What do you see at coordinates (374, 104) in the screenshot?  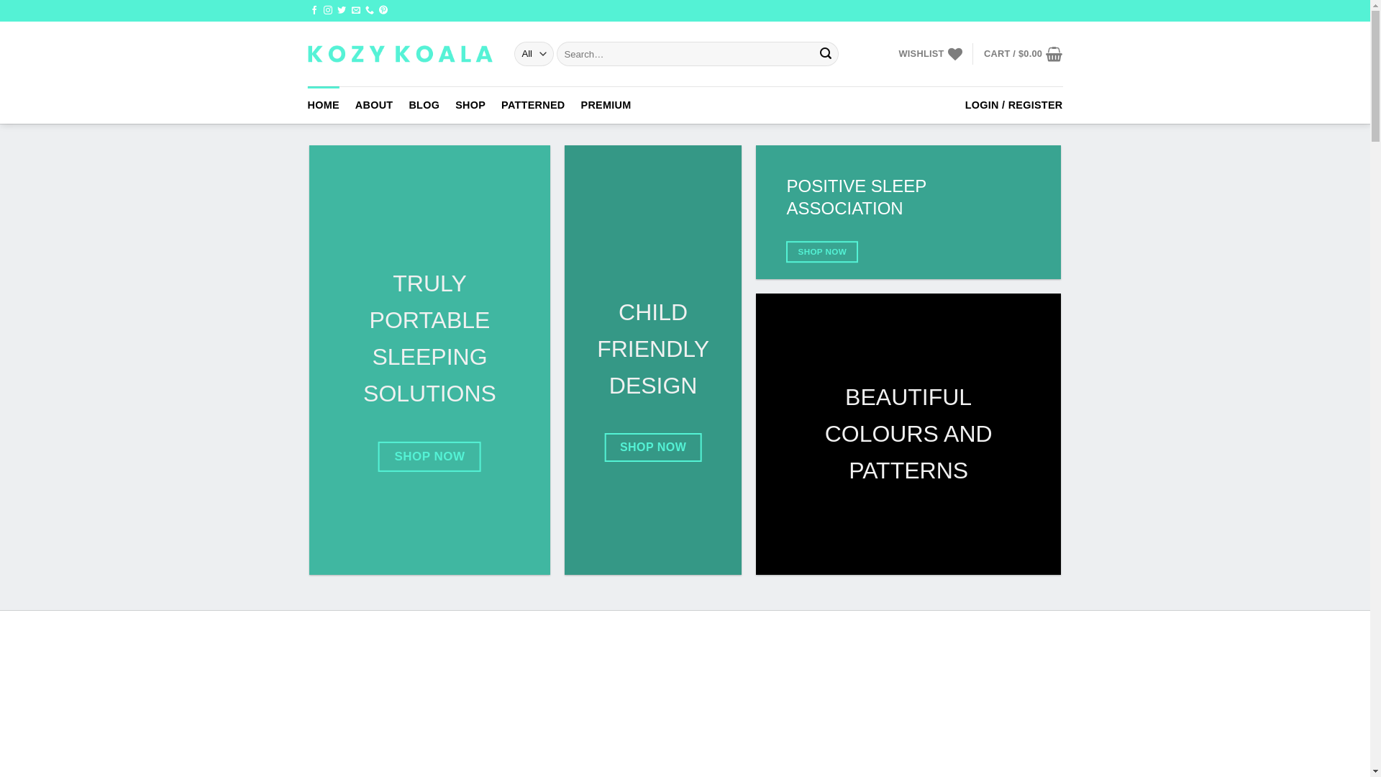 I see `'ABOUT'` at bounding box center [374, 104].